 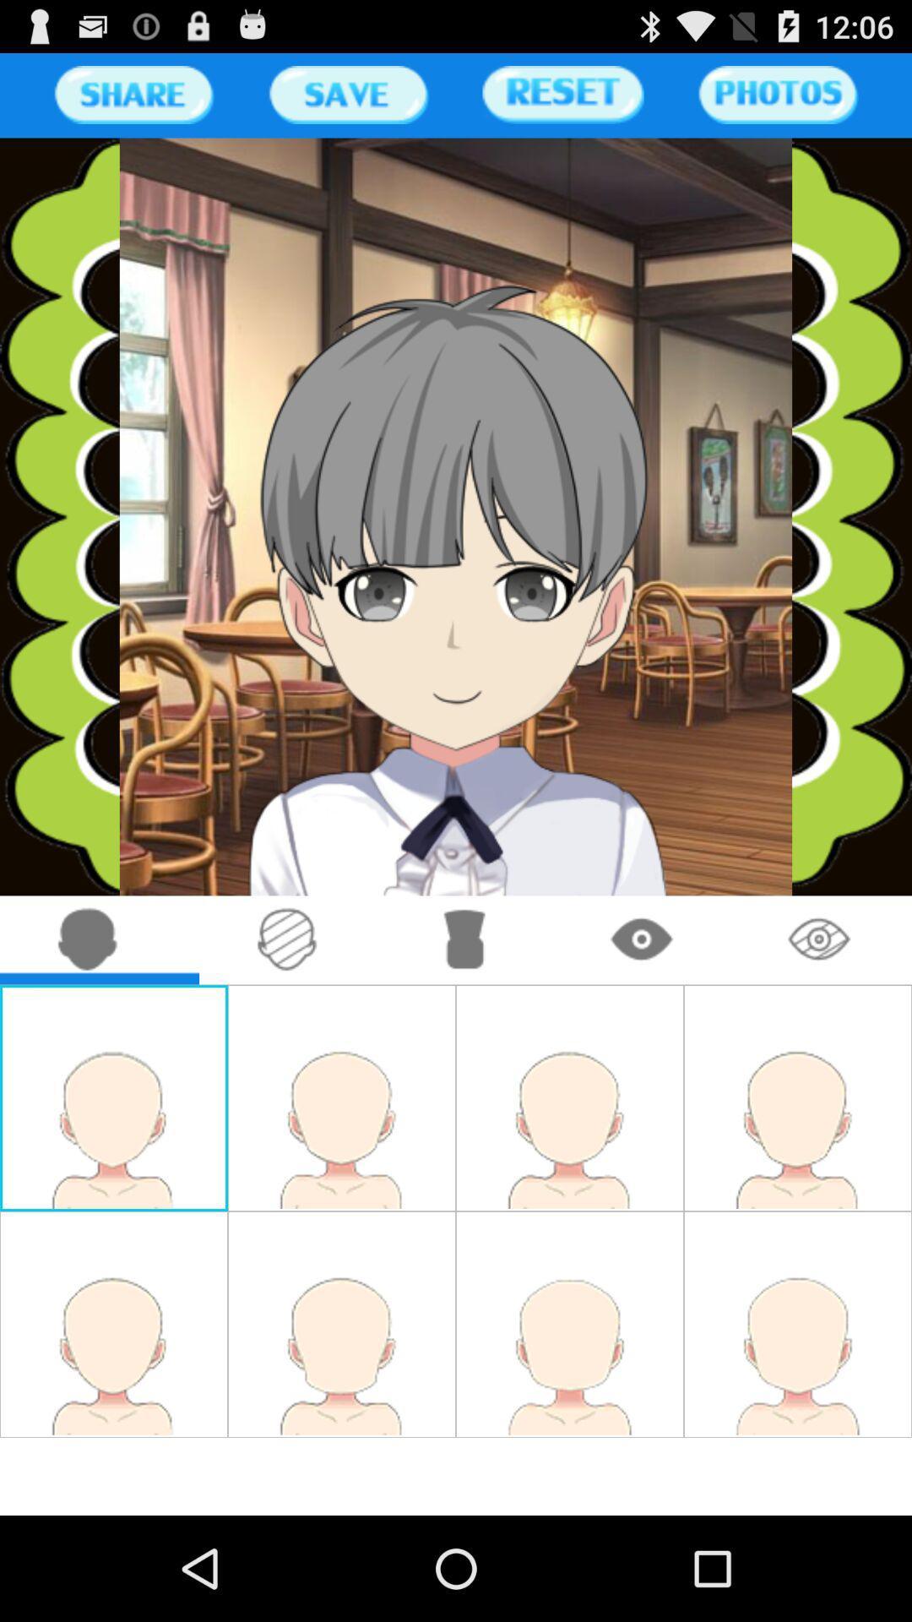 What do you see at coordinates (88, 939) in the screenshot?
I see `your face icon` at bounding box center [88, 939].